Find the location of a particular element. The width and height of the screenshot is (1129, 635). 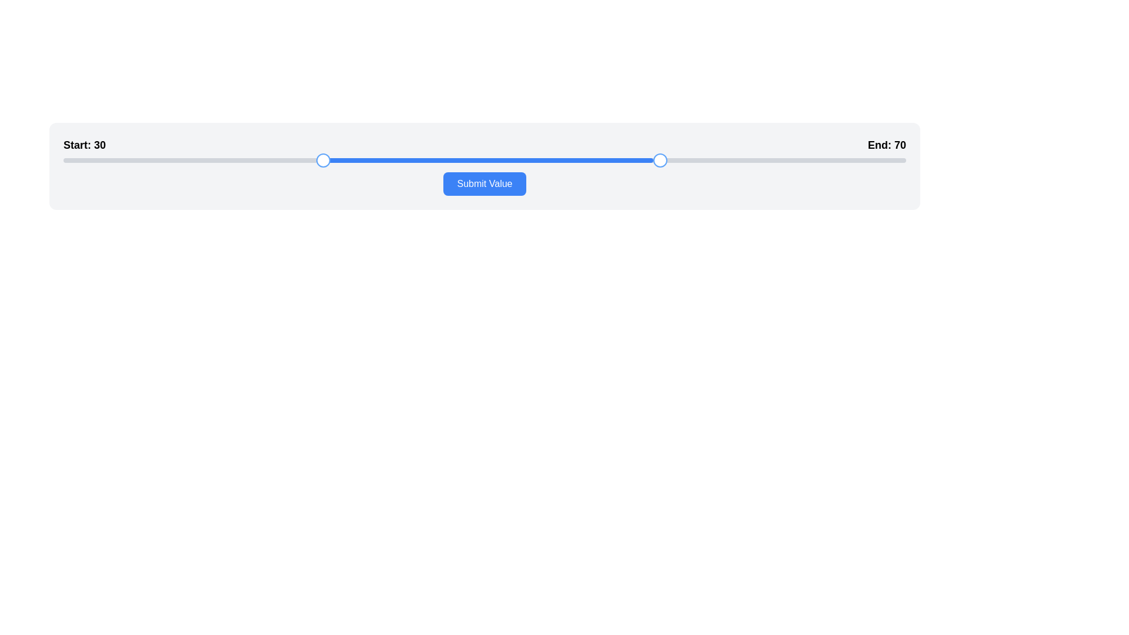

the slider thumb is located at coordinates (265, 161).